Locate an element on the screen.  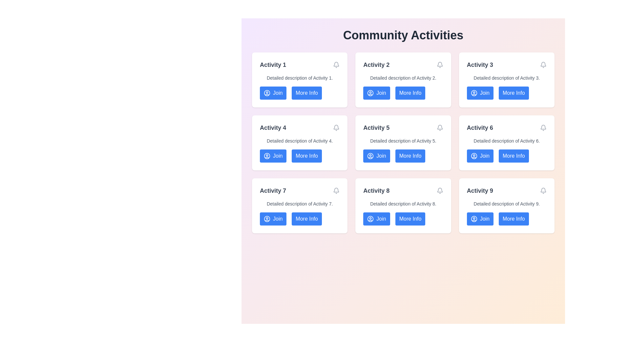
the 'More Info' button, which is a rectangular button with white text on a blue background, located in the third card labeled 'Activity 3' is located at coordinates (513, 93).